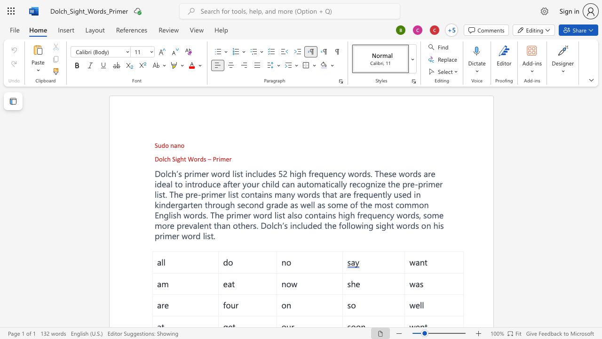  What do you see at coordinates (409, 184) in the screenshot?
I see `the 12th character "r" in the text` at bounding box center [409, 184].